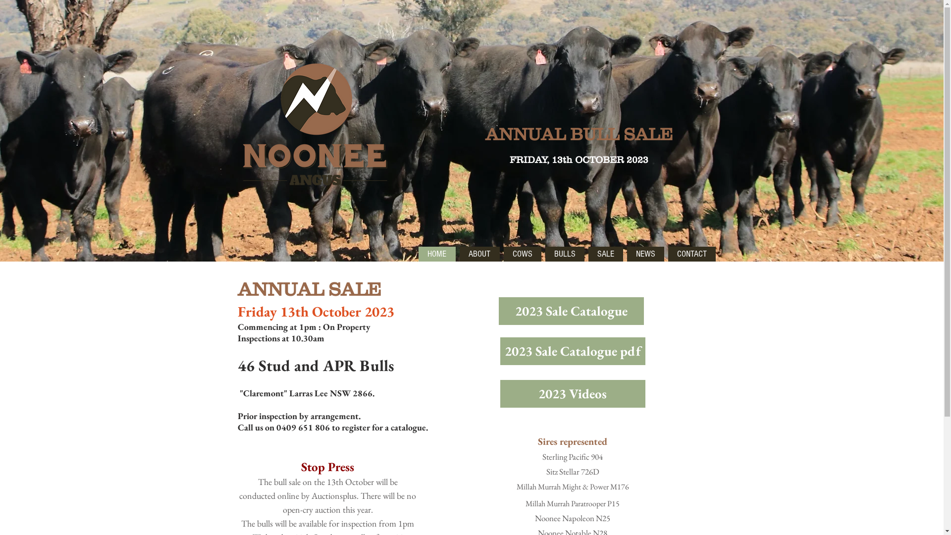  What do you see at coordinates (573, 393) in the screenshot?
I see `'2023 Videos'` at bounding box center [573, 393].